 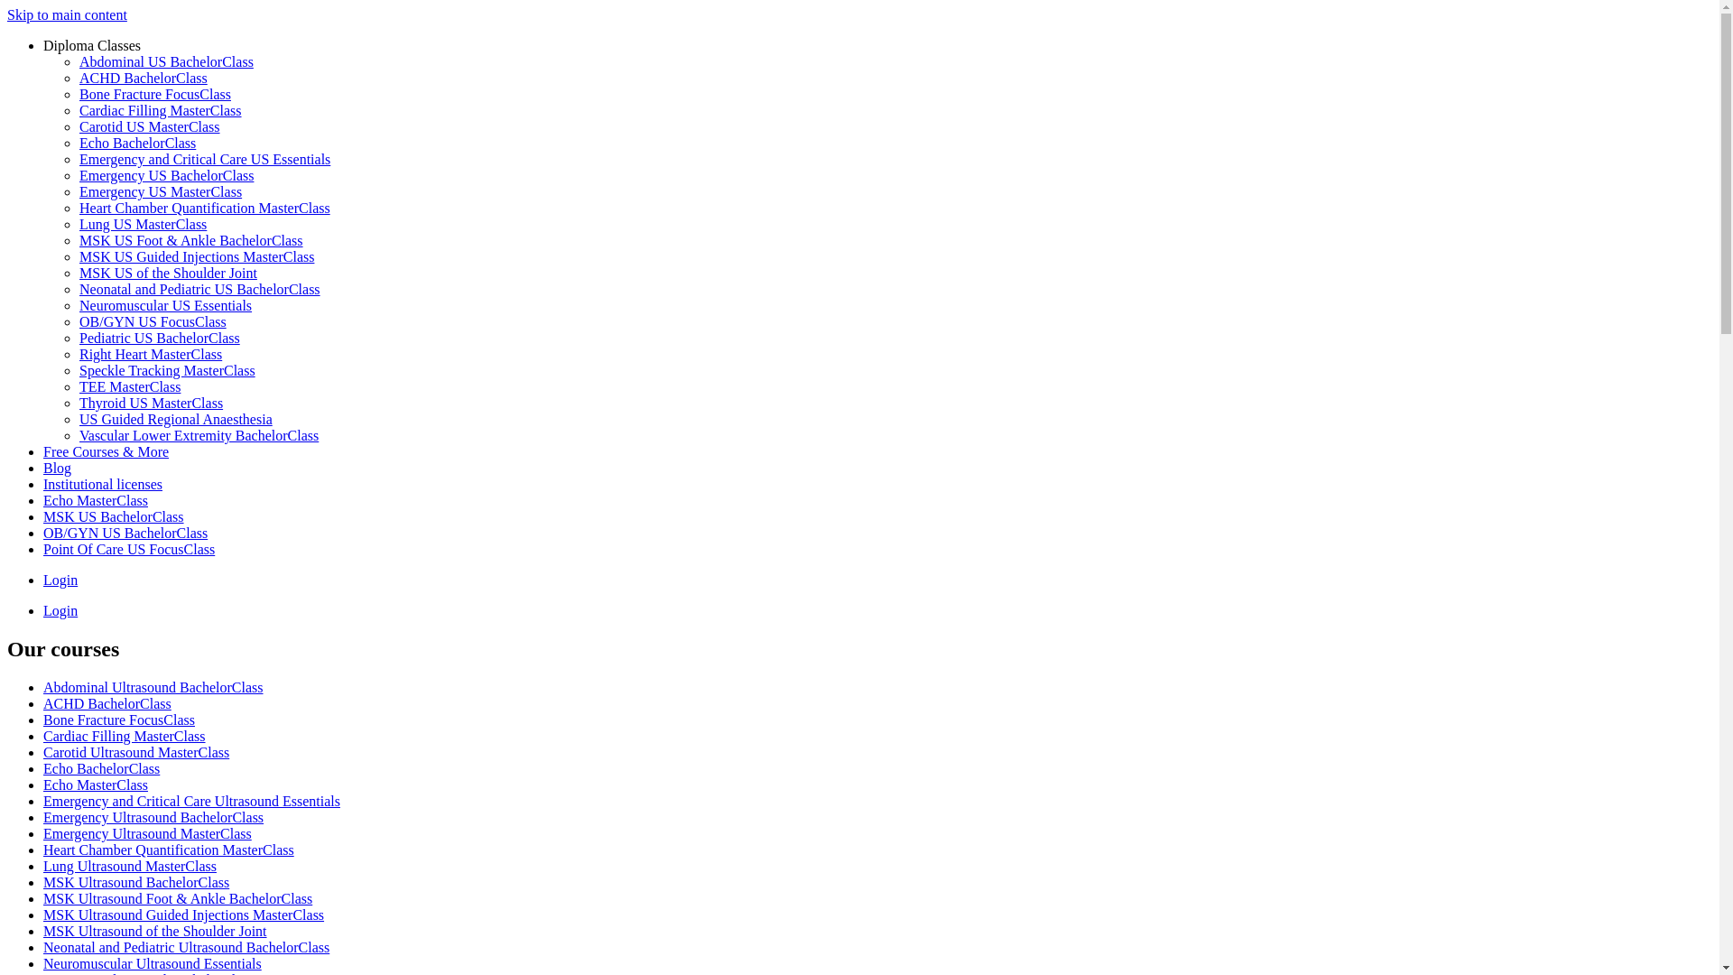 What do you see at coordinates (125, 532) in the screenshot?
I see `'OB/GYN US BachelorClass'` at bounding box center [125, 532].